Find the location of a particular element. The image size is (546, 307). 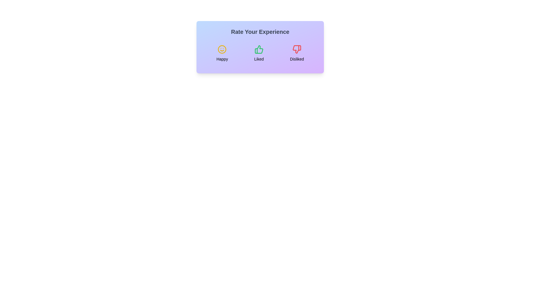

the 'Disliked' rating text label, which is located beneath the thumbs-down icon in the horizontal group of user feedback options is located at coordinates (297, 59).